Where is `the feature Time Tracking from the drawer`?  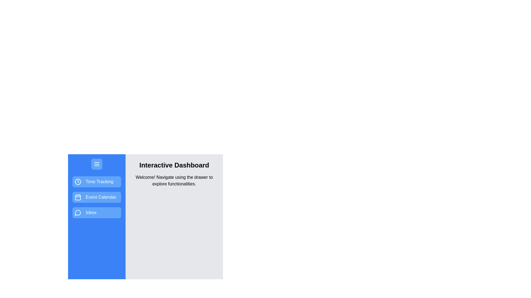 the feature Time Tracking from the drawer is located at coordinates (97, 182).